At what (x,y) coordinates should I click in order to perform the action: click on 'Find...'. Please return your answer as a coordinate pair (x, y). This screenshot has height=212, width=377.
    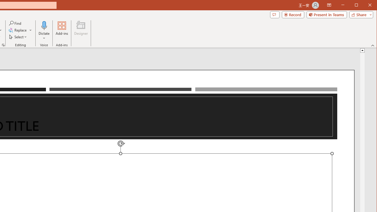
    Looking at the image, I should click on (16, 23).